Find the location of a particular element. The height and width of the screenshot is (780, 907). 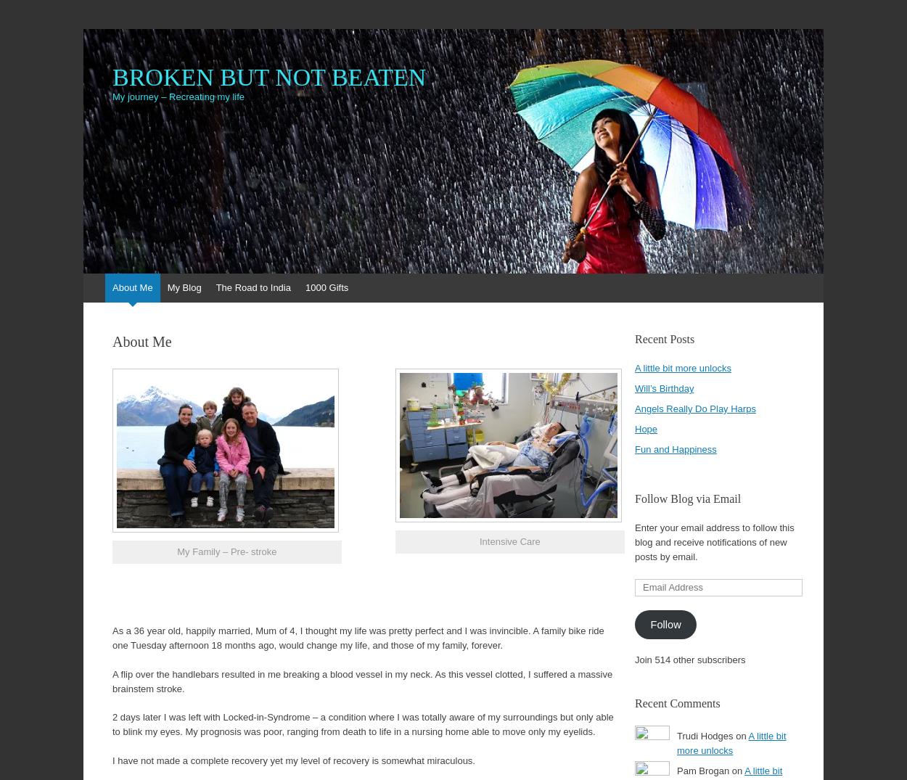

'Enter your email address to follow this blog and receive notifications of new posts by email.' is located at coordinates (635, 542).